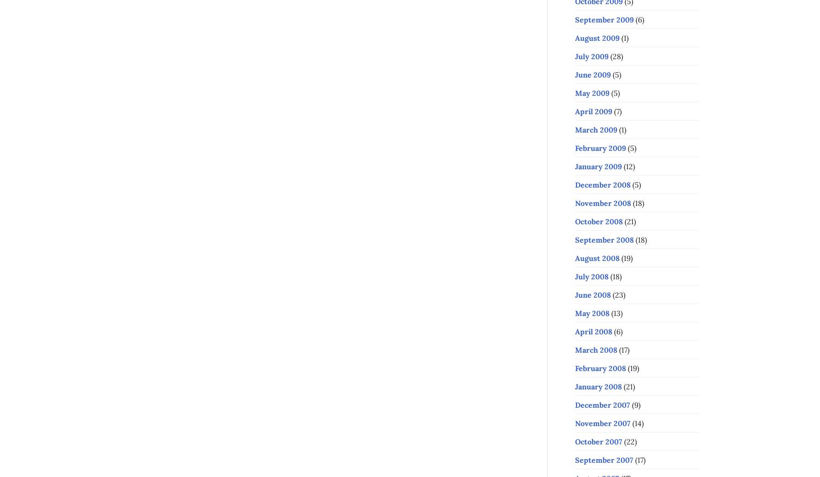 The width and height of the screenshot is (820, 477). Describe the element at coordinates (593, 331) in the screenshot. I see `'April 2008'` at that location.